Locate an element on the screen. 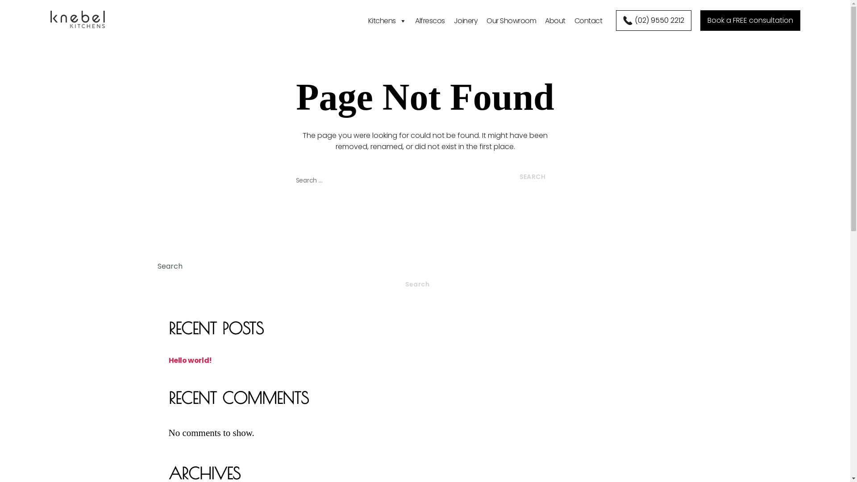  'Kitchens' is located at coordinates (364, 17).